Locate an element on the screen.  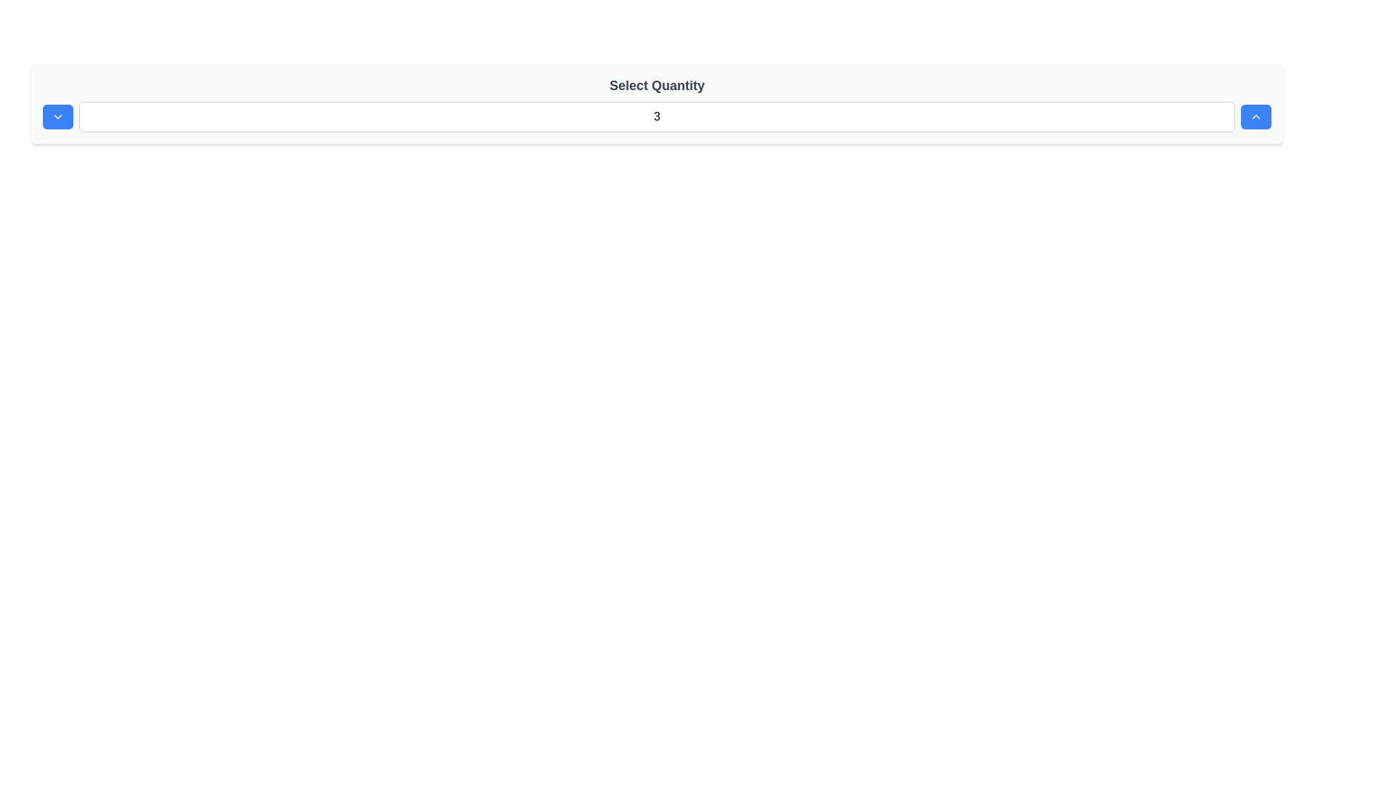
the small blue rectangular button with rounded corners and a white upward-pointing chevron icon to increment the value in the input field displaying '3' is located at coordinates (1255, 116).